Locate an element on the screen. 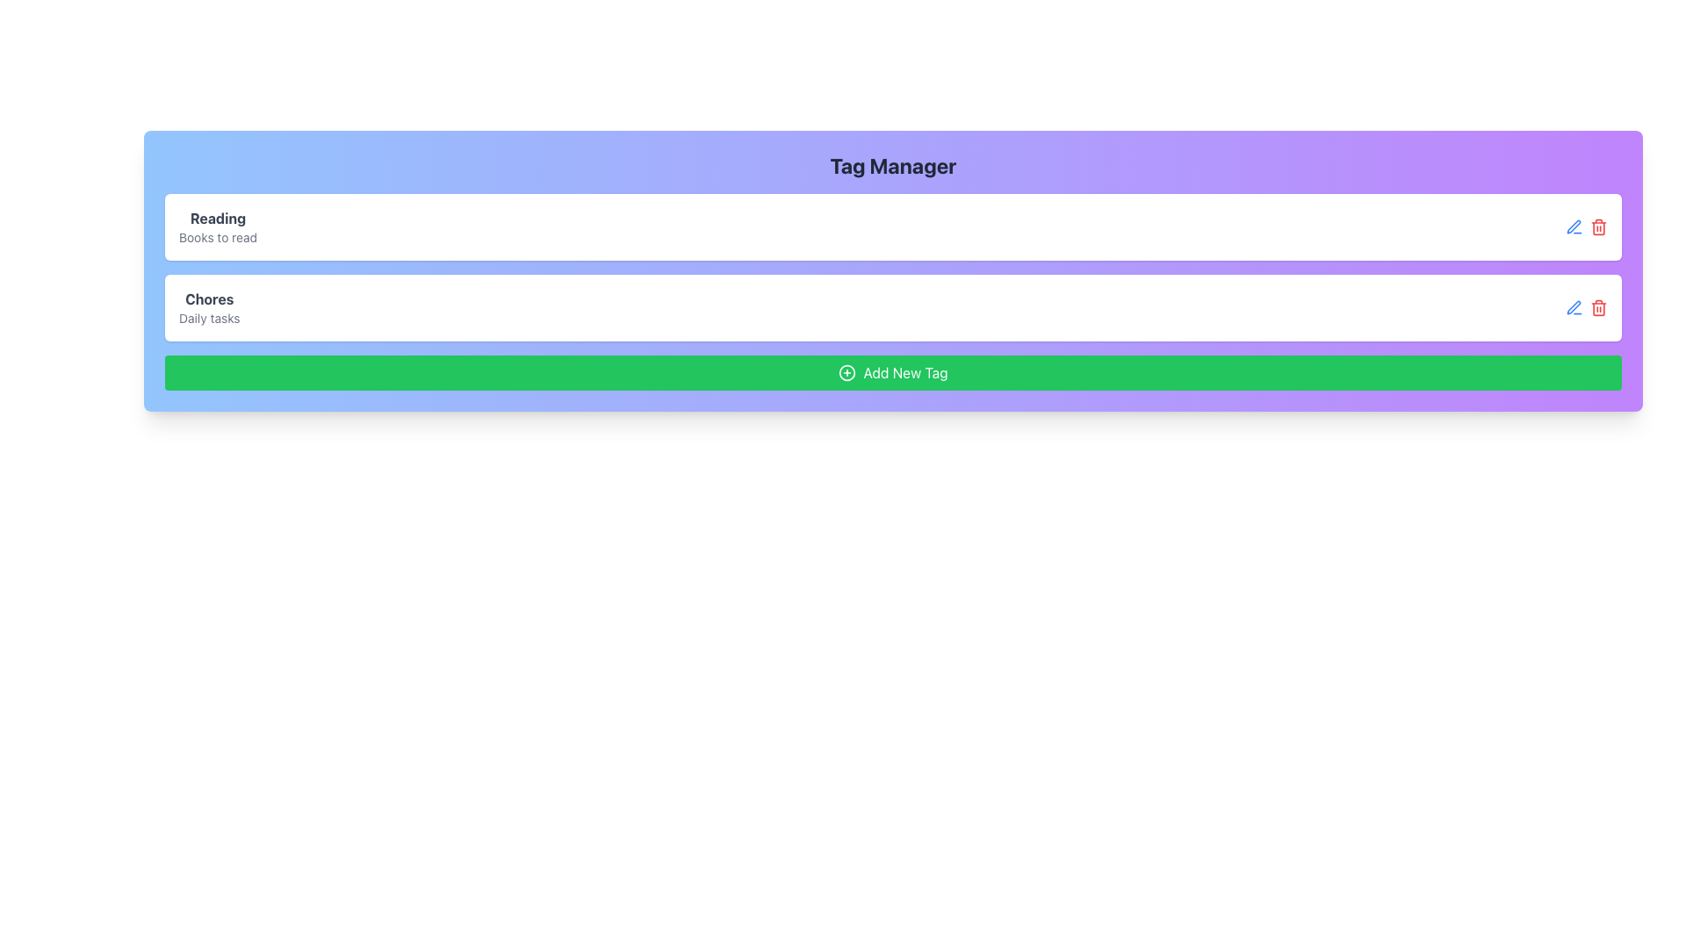 The image size is (1686, 948). the central circular part of the 'Add New Tag' button, which is part of a plus sign icon located at the bottom of the interface is located at coordinates (847, 371).